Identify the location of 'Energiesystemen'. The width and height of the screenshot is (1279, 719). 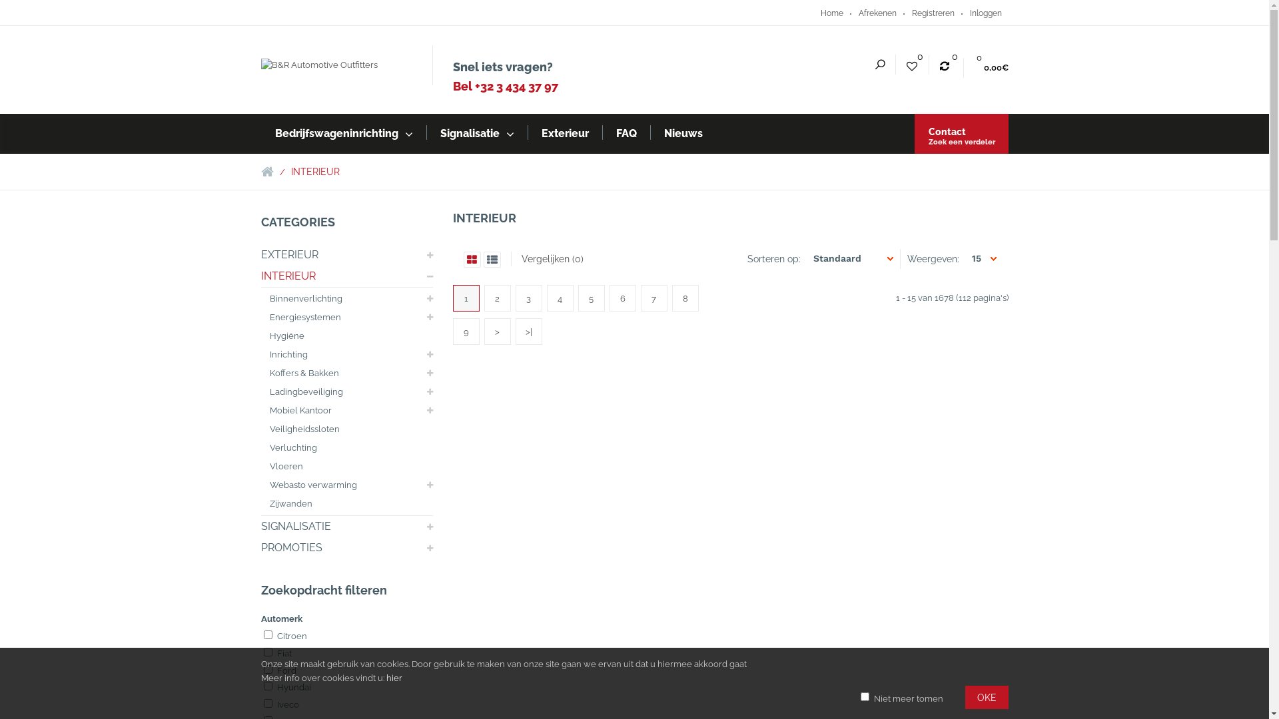
(304, 318).